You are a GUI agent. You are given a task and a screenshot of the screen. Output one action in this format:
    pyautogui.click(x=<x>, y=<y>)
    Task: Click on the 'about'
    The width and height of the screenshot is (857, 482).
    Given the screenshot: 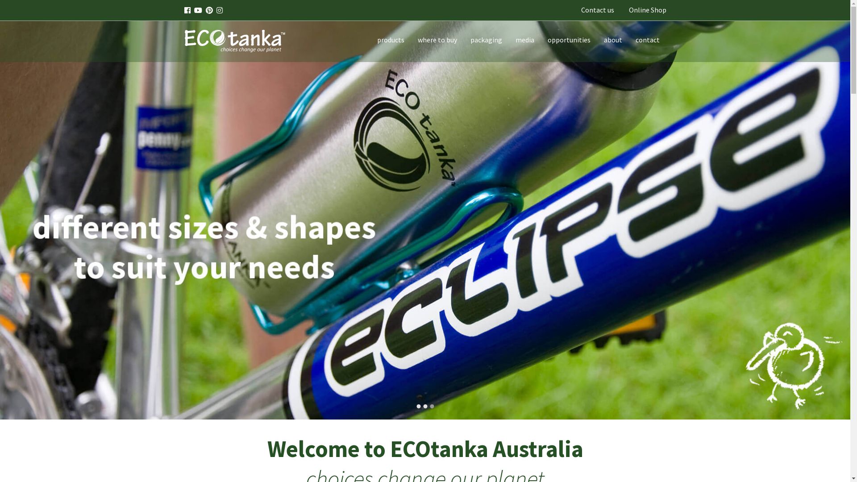 What is the action you would take?
    pyautogui.click(x=597, y=39)
    